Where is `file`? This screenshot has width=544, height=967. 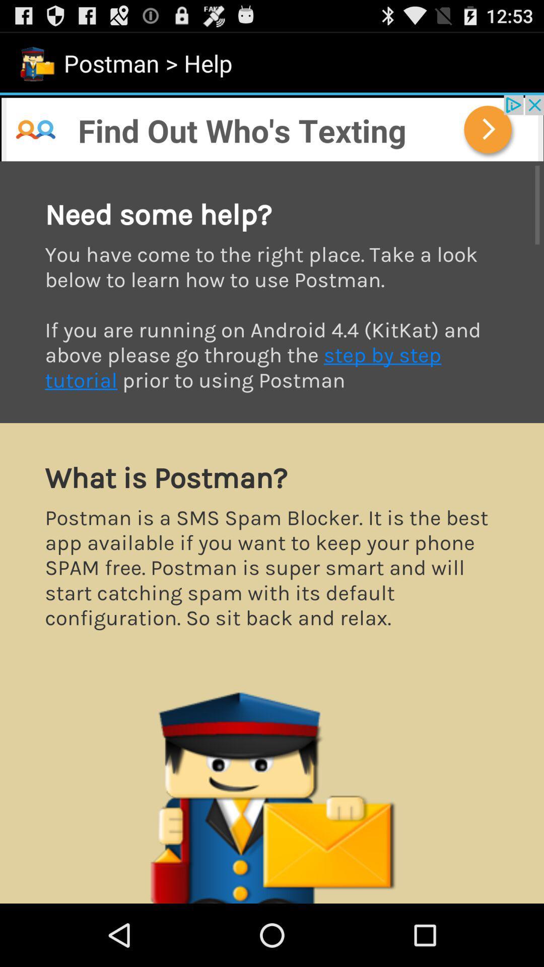 file is located at coordinates (272, 532).